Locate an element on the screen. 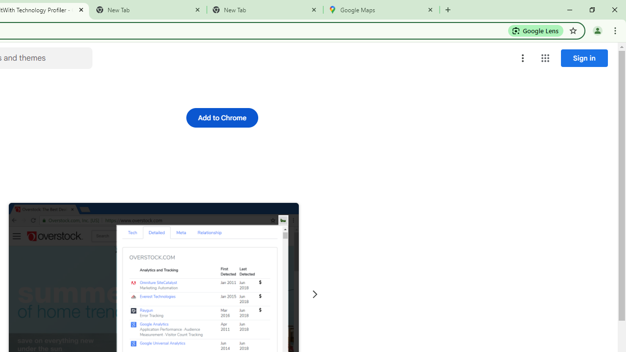 Image resolution: width=626 pixels, height=352 pixels. 'Sign in' is located at coordinates (584, 58).